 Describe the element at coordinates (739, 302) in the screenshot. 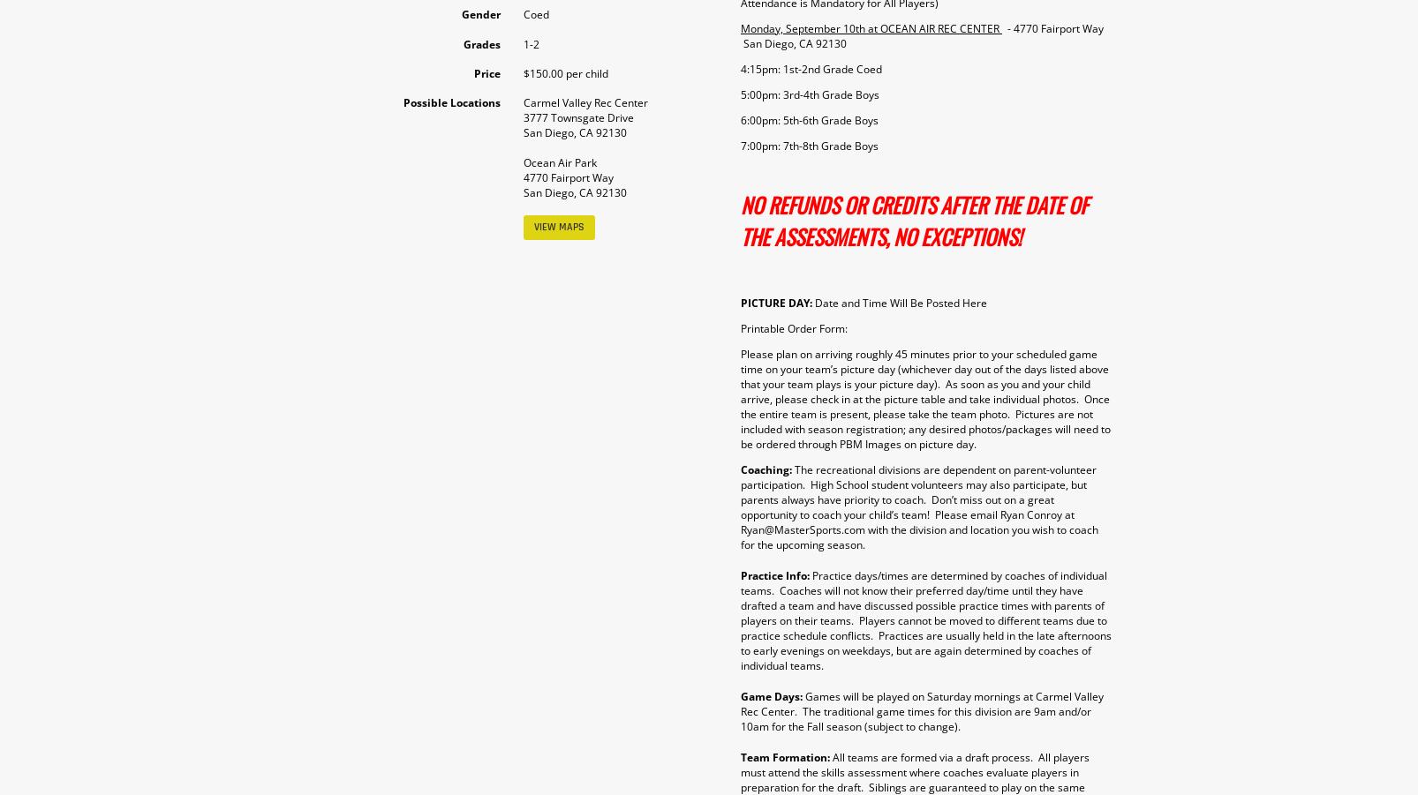

I see `'PIC'` at that location.